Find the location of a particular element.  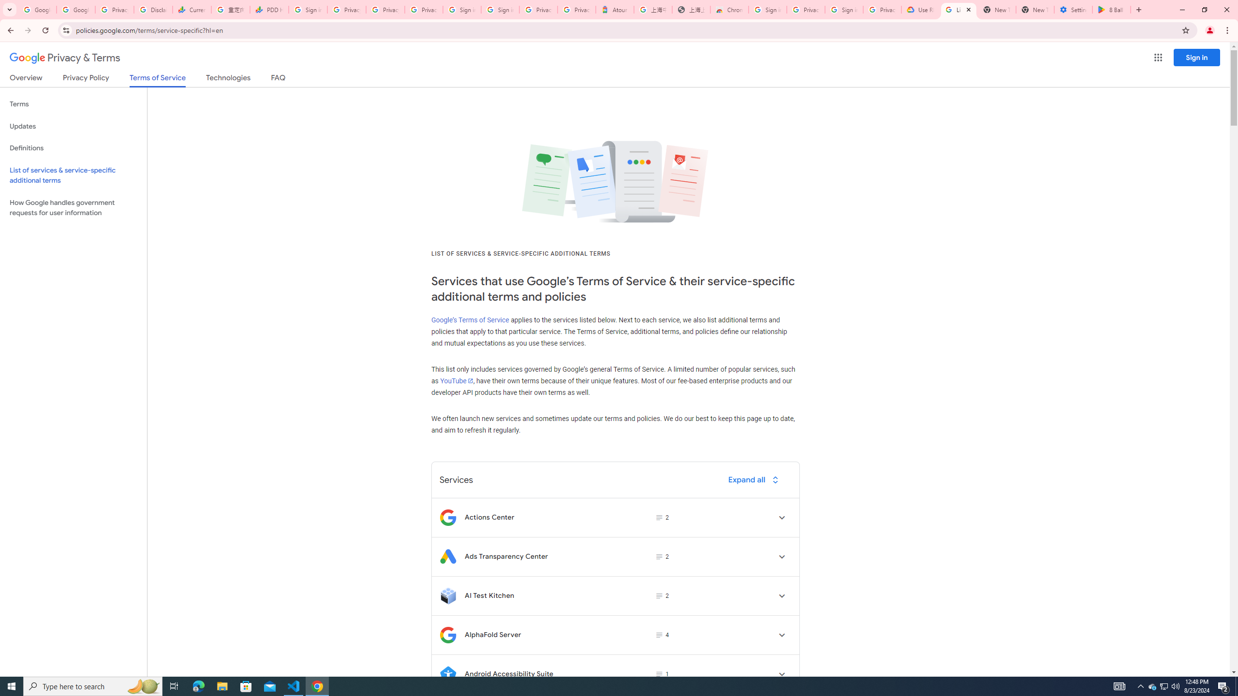

'8 Ball Pool - Apps on Google Play' is located at coordinates (1111, 9).